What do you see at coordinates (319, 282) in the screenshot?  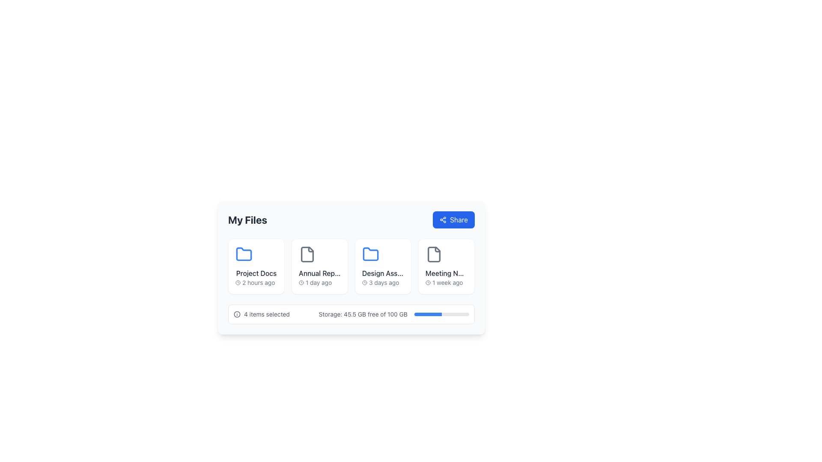 I see `displayed time indicator on the text label with a clock icon located in the bottom-right corner of the 'Annual Report.pdf' card, which is the second card from the left` at bounding box center [319, 282].